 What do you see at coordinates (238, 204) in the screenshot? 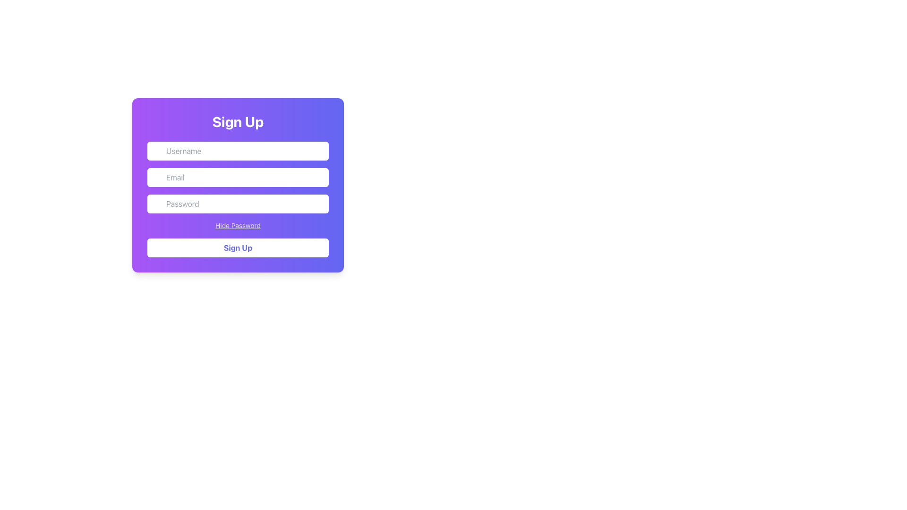
I see `the Password text input field by using the tab key` at bounding box center [238, 204].